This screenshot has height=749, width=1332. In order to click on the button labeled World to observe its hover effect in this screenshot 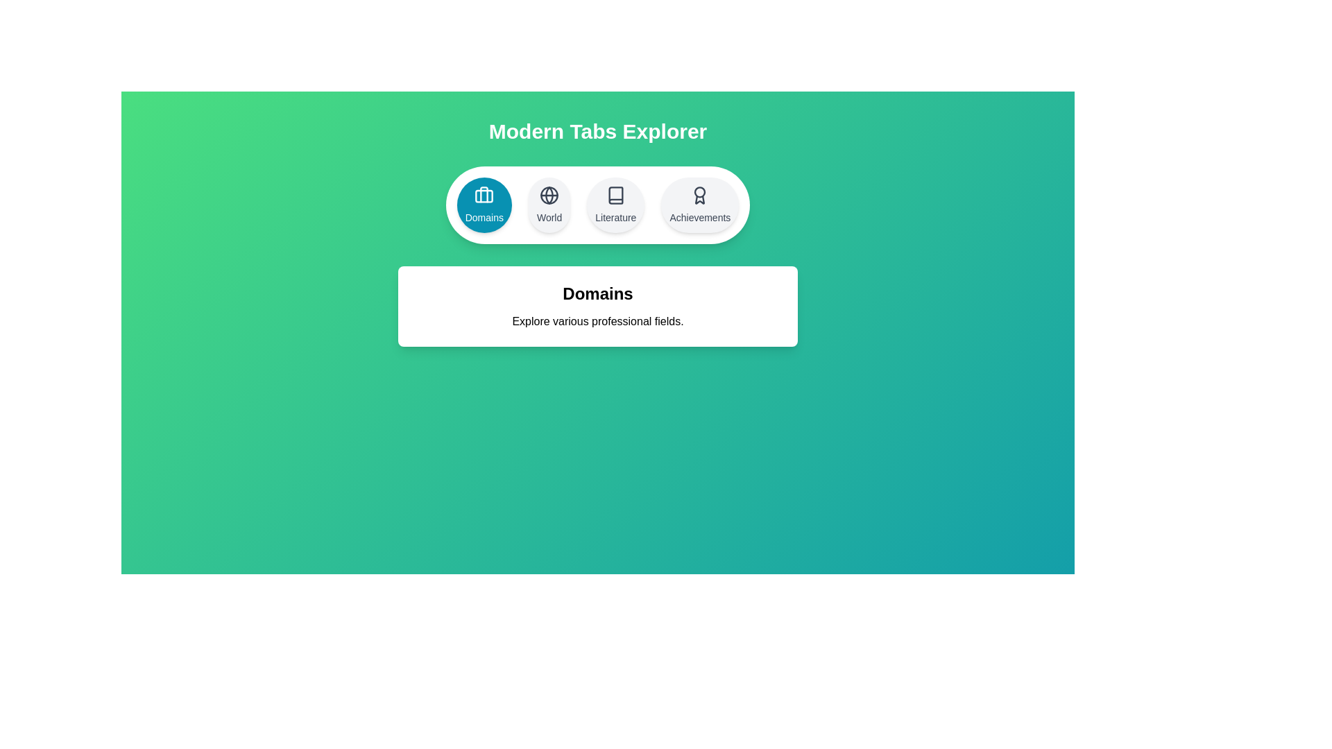, I will do `click(549, 205)`.